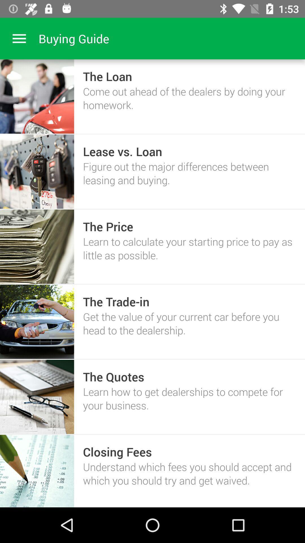 The image size is (305, 543). Describe the element at coordinates (19, 38) in the screenshot. I see `side menu option` at that location.